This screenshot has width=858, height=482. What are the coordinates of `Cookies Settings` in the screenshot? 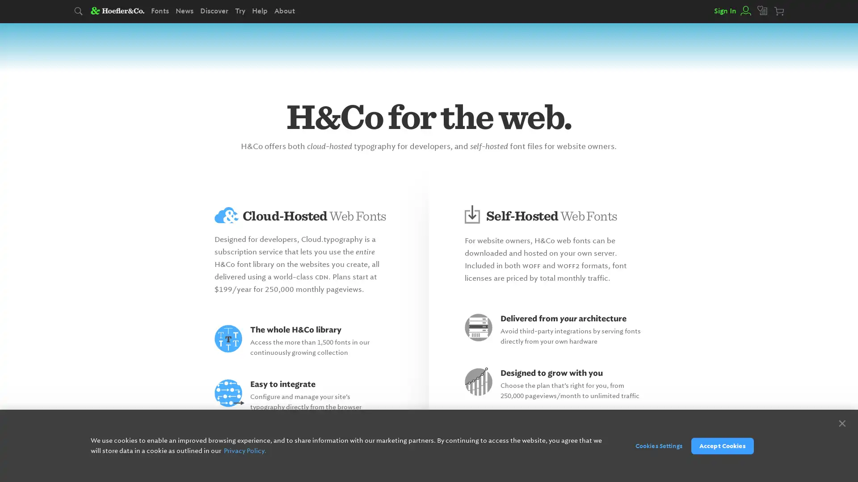 It's located at (654, 445).